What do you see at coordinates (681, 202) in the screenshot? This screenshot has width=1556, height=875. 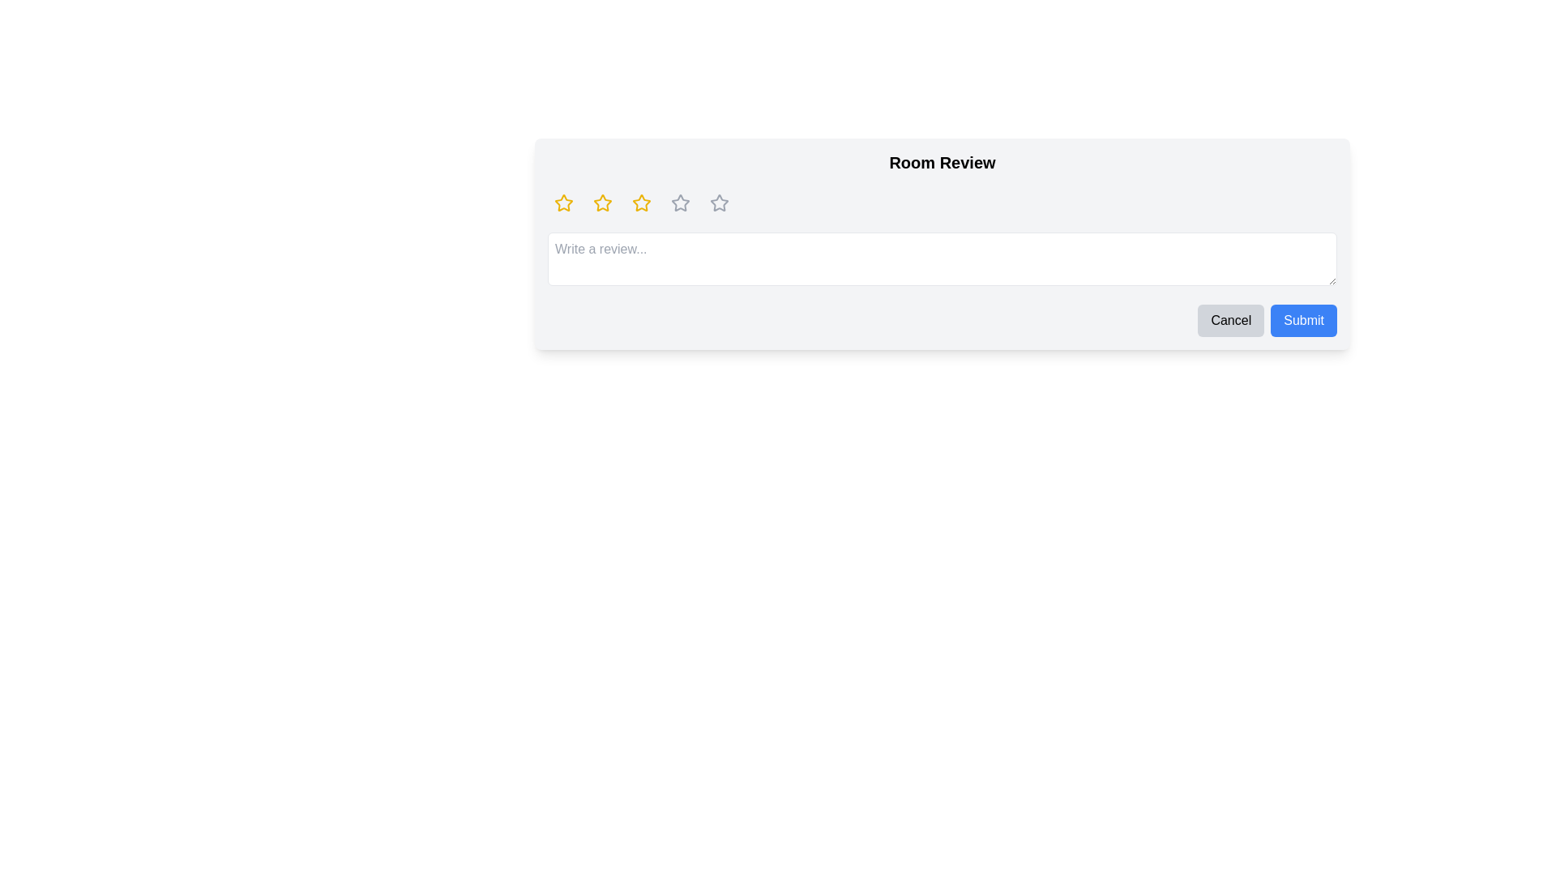 I see `the fourth interactive star icon from the left in the horizontal rating system` at bounding box center [681, 202].